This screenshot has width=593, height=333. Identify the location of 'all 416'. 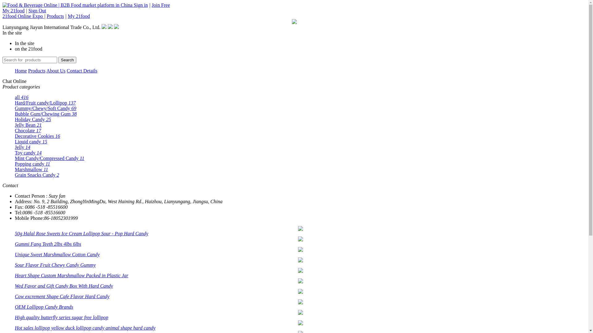
(22, 97).